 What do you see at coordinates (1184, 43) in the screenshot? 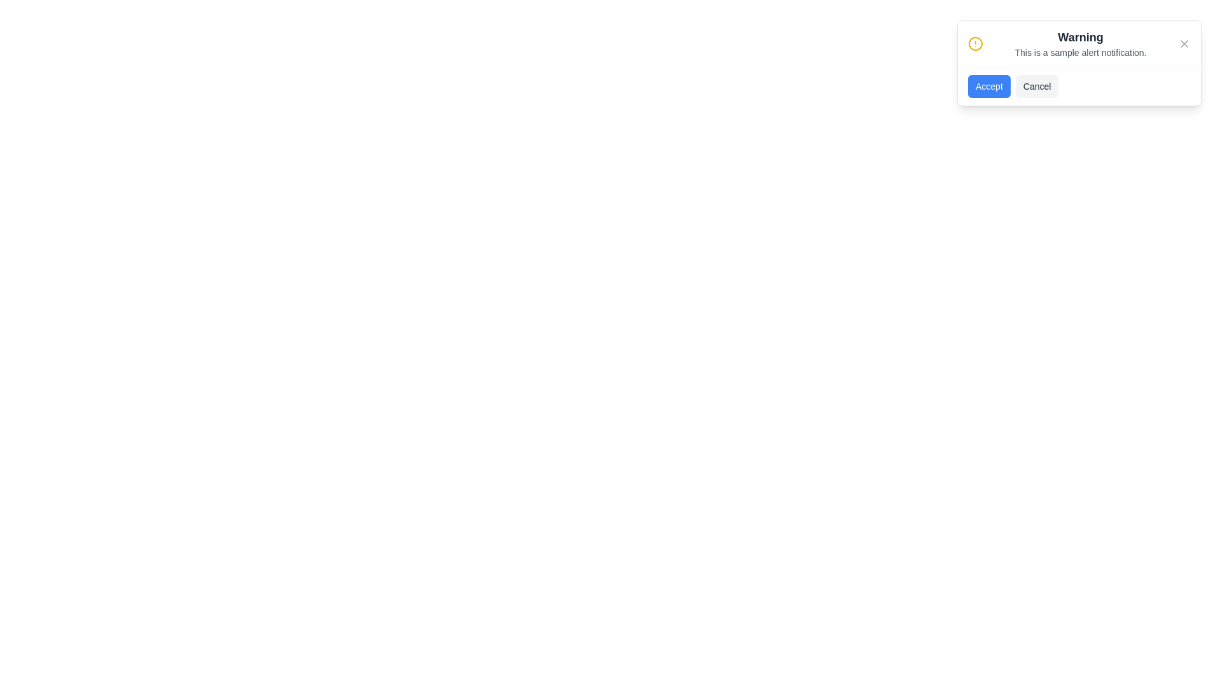
I see `the small gray button with an 'X' symbol located at the top-right corner of the alert box` at bounding box center [1184, 43].